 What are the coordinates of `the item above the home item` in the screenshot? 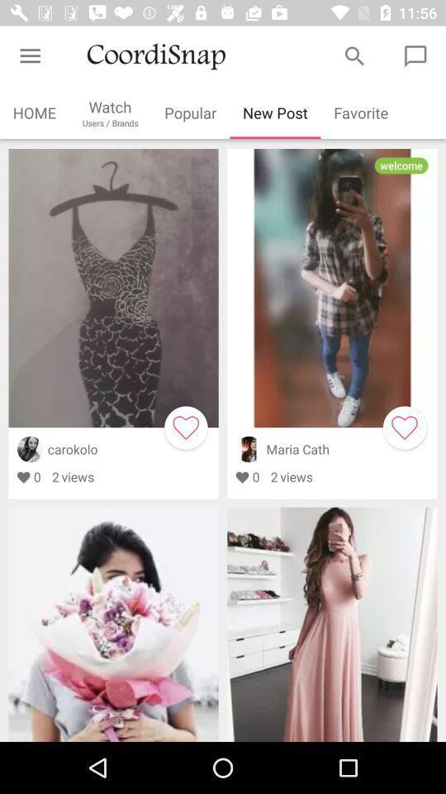 It's located at (30, 56).